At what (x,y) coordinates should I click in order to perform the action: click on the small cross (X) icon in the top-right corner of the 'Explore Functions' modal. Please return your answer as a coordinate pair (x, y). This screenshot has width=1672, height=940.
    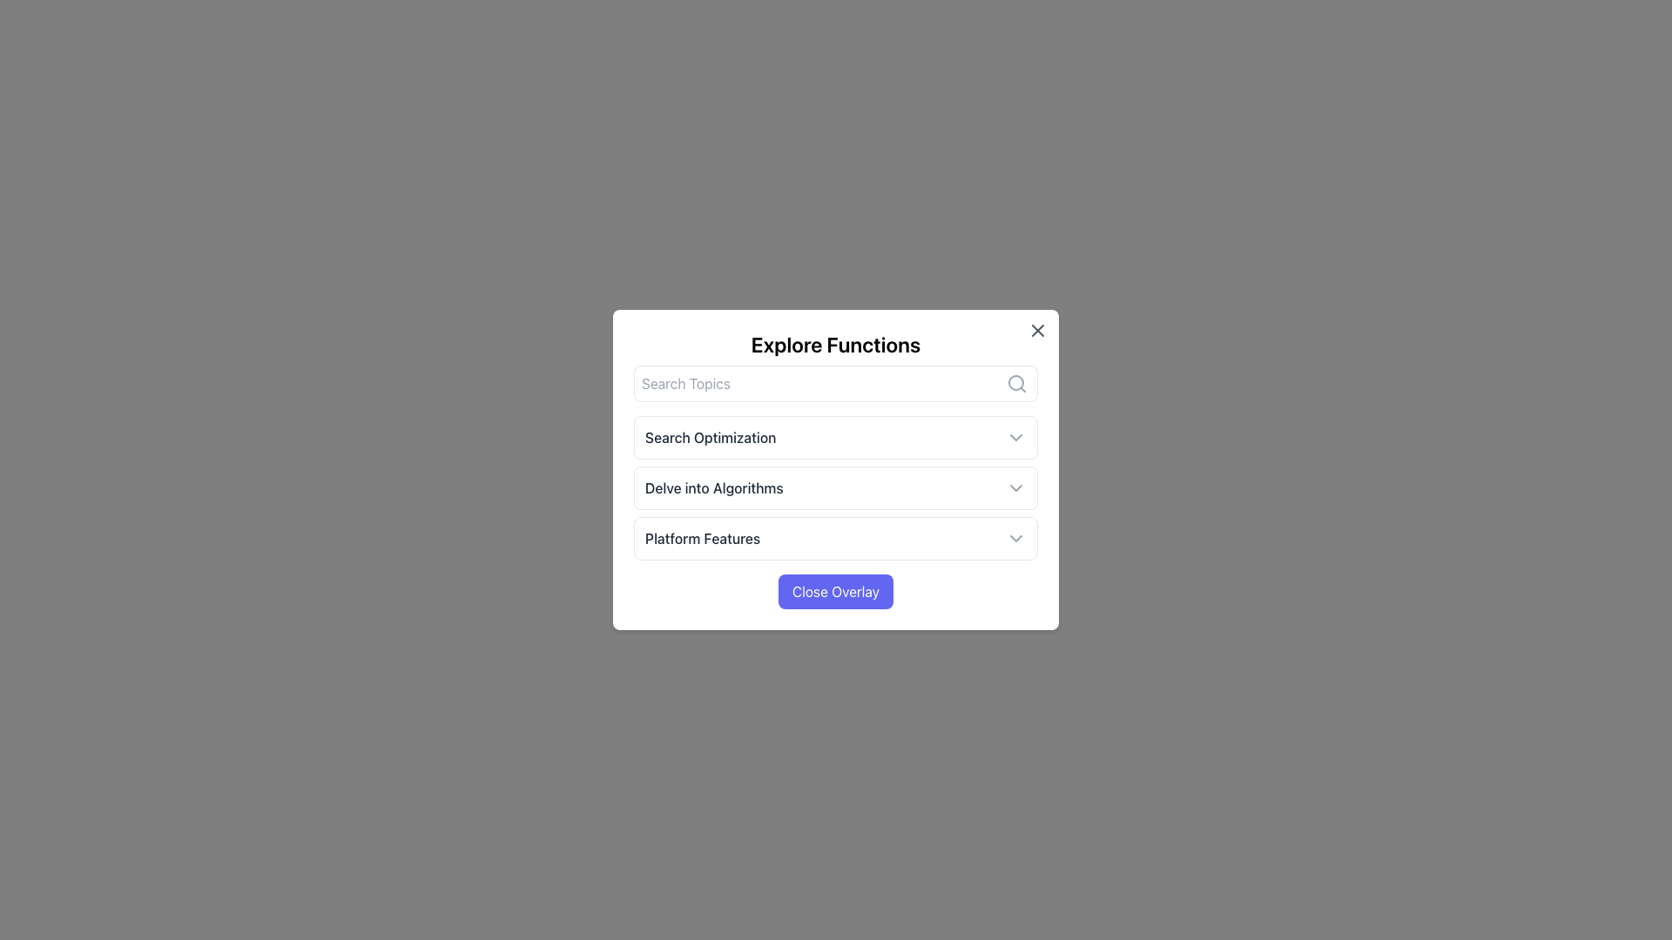
    Looking at the image, I should click on (1037, 331).